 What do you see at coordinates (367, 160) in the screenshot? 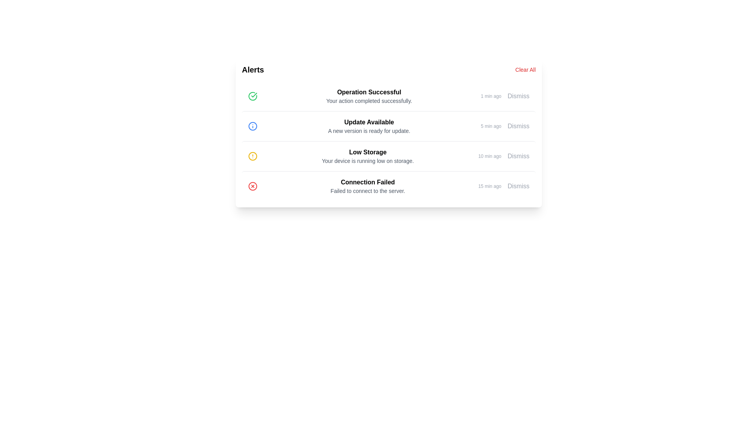
I see `descriptive text element located below the title in the 'Low Storage' notification card, which provides additional context about the low storage issue` at bounding box center [367, 160].